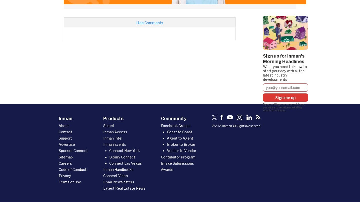  I want to click on 'Careers', so click(59, 163).